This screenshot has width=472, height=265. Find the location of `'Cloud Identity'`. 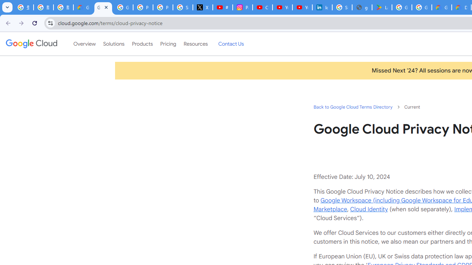

'Cloud Identity' is located at coordinates (369, 209).